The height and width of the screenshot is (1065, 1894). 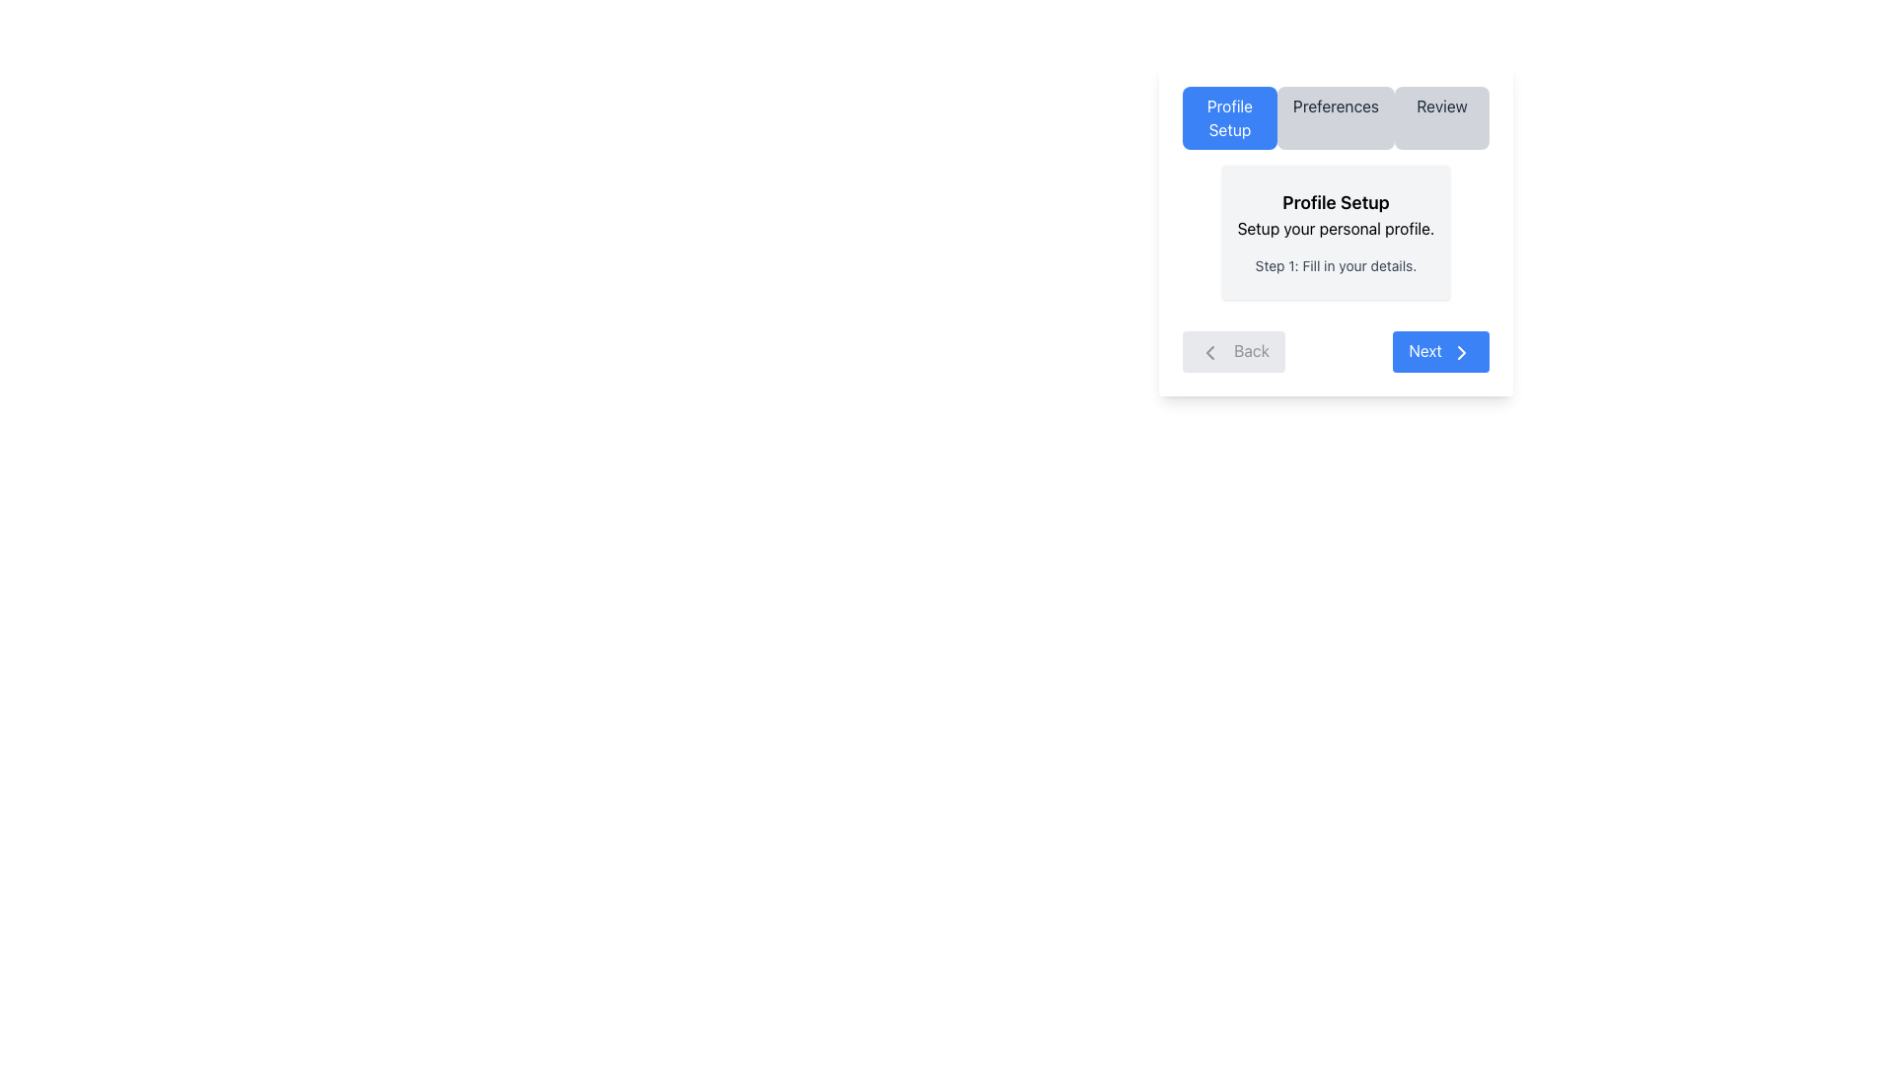 What do you see at coordinates (1336, 117) in the screenshot?
I see `the 'Preferences' button, which is the second button in a horizontal group of three` at bounding box center [1336, 117].